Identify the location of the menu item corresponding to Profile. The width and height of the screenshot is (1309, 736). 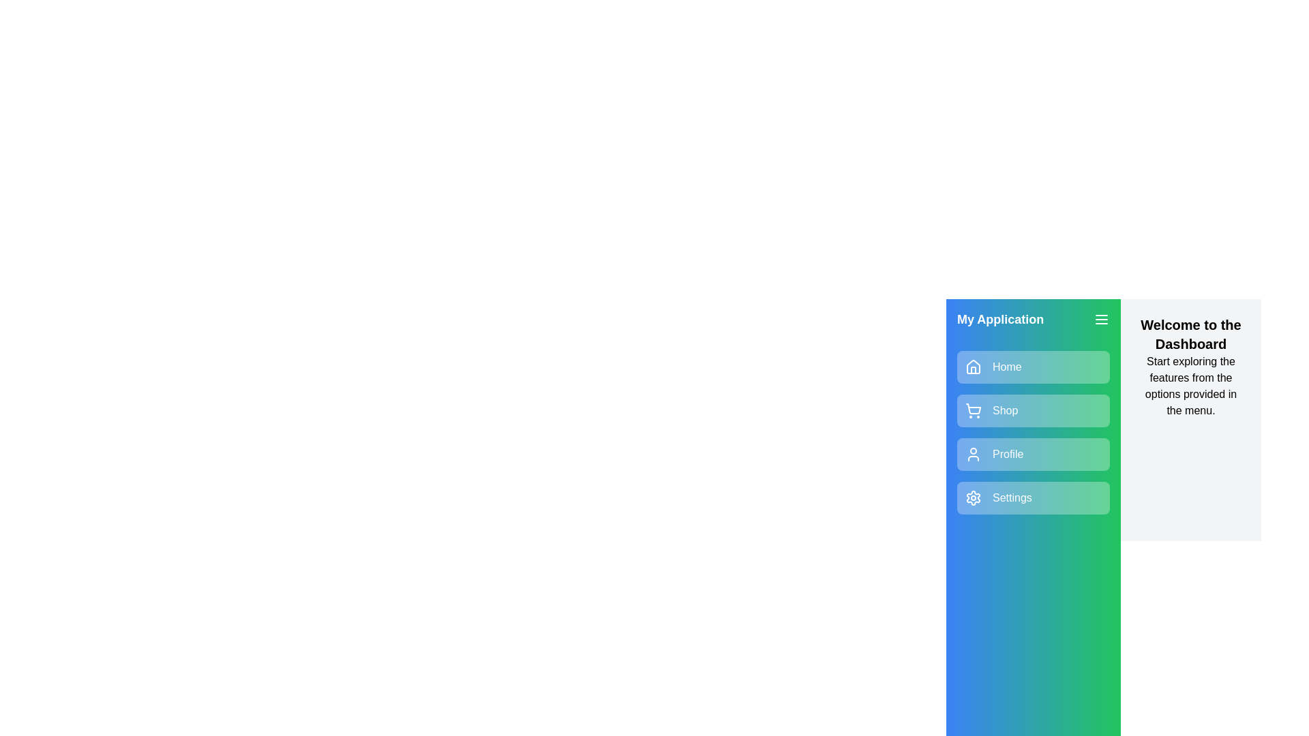
(1034, 455).